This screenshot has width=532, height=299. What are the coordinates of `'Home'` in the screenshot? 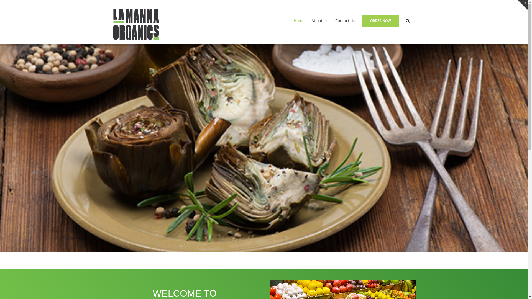 It's located at (293, 20).